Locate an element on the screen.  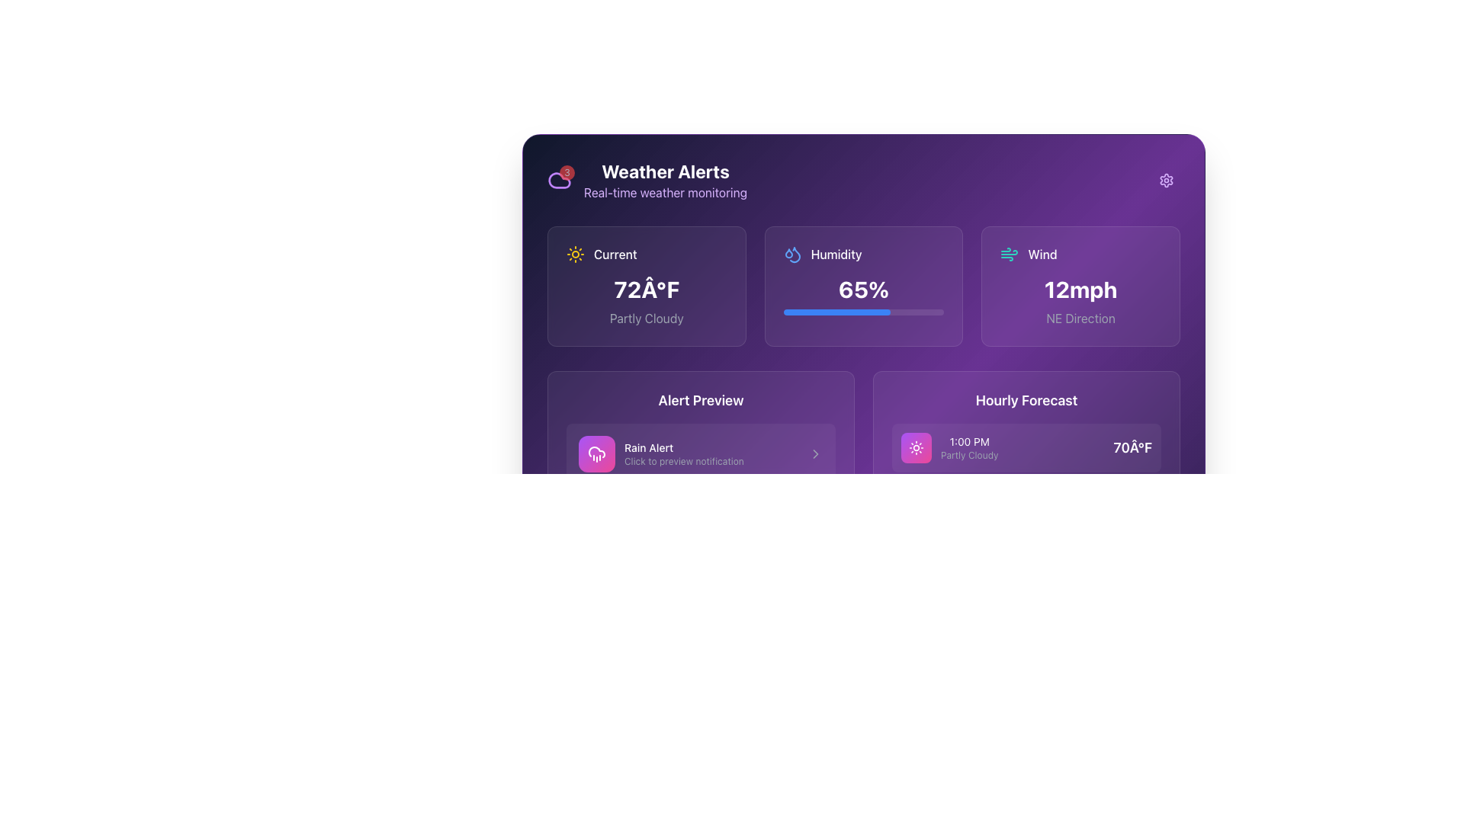
the wind speed indicator graphic located in the 'Wind' informational box in the top-right quadrant of the interface, which is visually represented as a wave component between two similar graphics is located at coordinates (1010, 251).